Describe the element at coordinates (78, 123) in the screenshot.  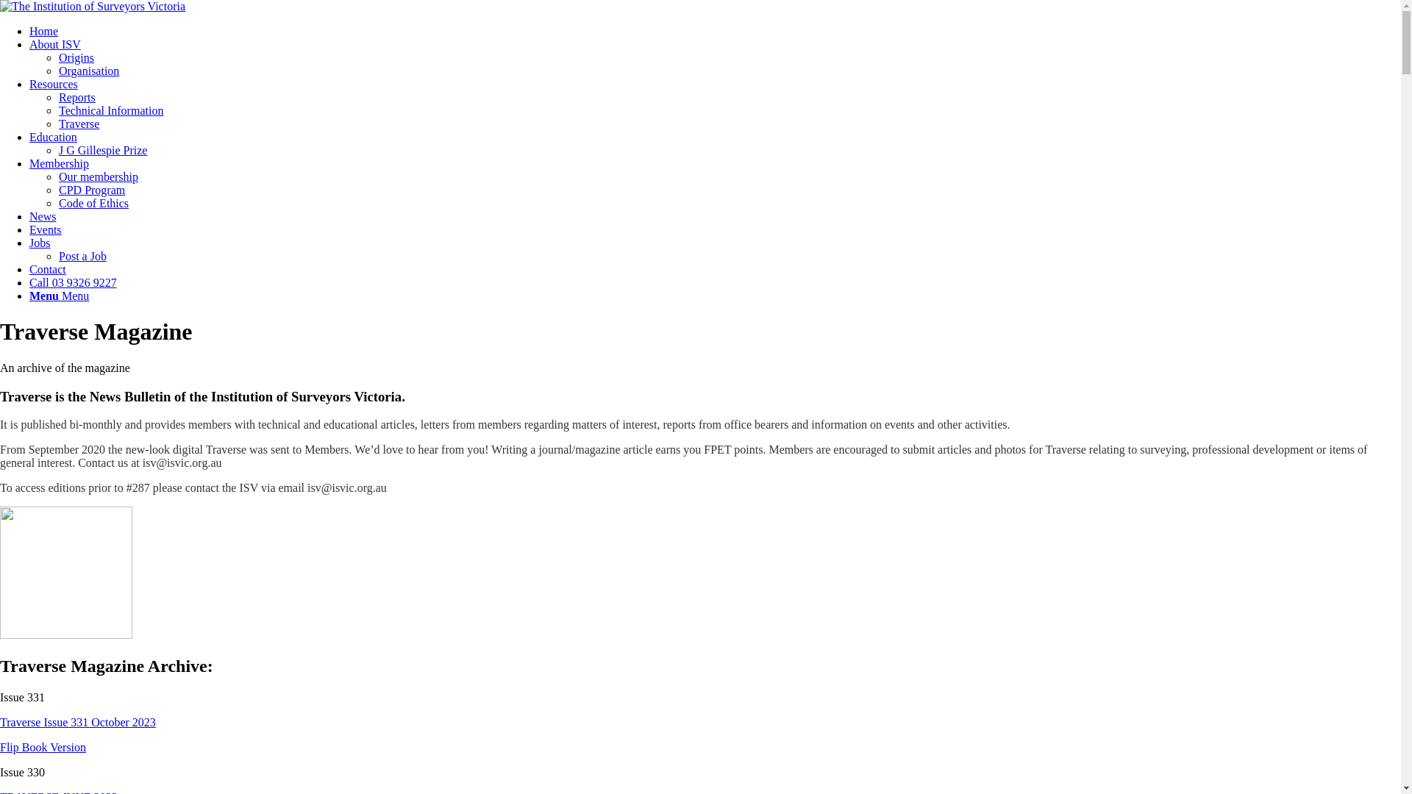
I see `'Traverse'` at that location.